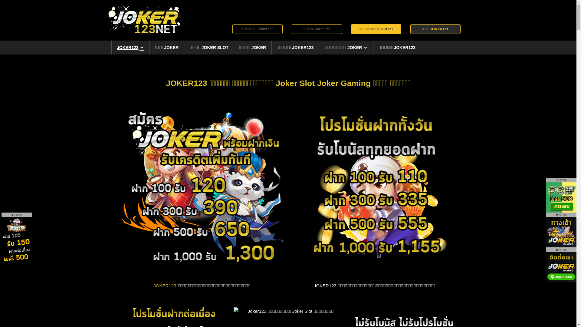 This screenshot has width=581, height=327. I want to click on 'JOKER123', so click(130, 47).